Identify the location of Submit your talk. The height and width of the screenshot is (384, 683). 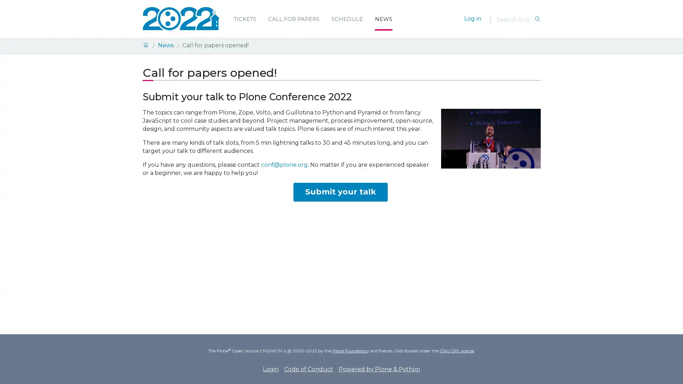
(340, 192).